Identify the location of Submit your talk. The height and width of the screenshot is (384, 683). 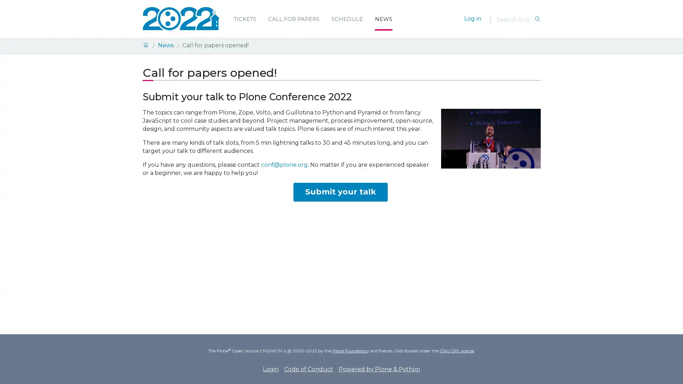
(340, 192).